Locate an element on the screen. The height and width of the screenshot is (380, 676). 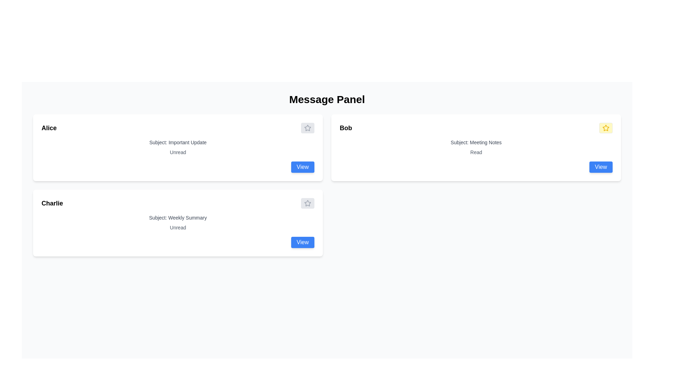
the gray star-shaped icon located at the top-right corner of the 'Charlie' card is located at coordinates (307, 203).